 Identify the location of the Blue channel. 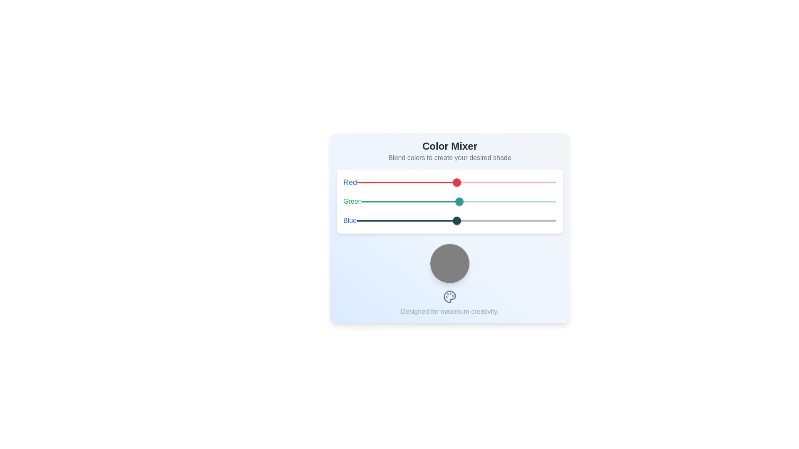
(476, 220).